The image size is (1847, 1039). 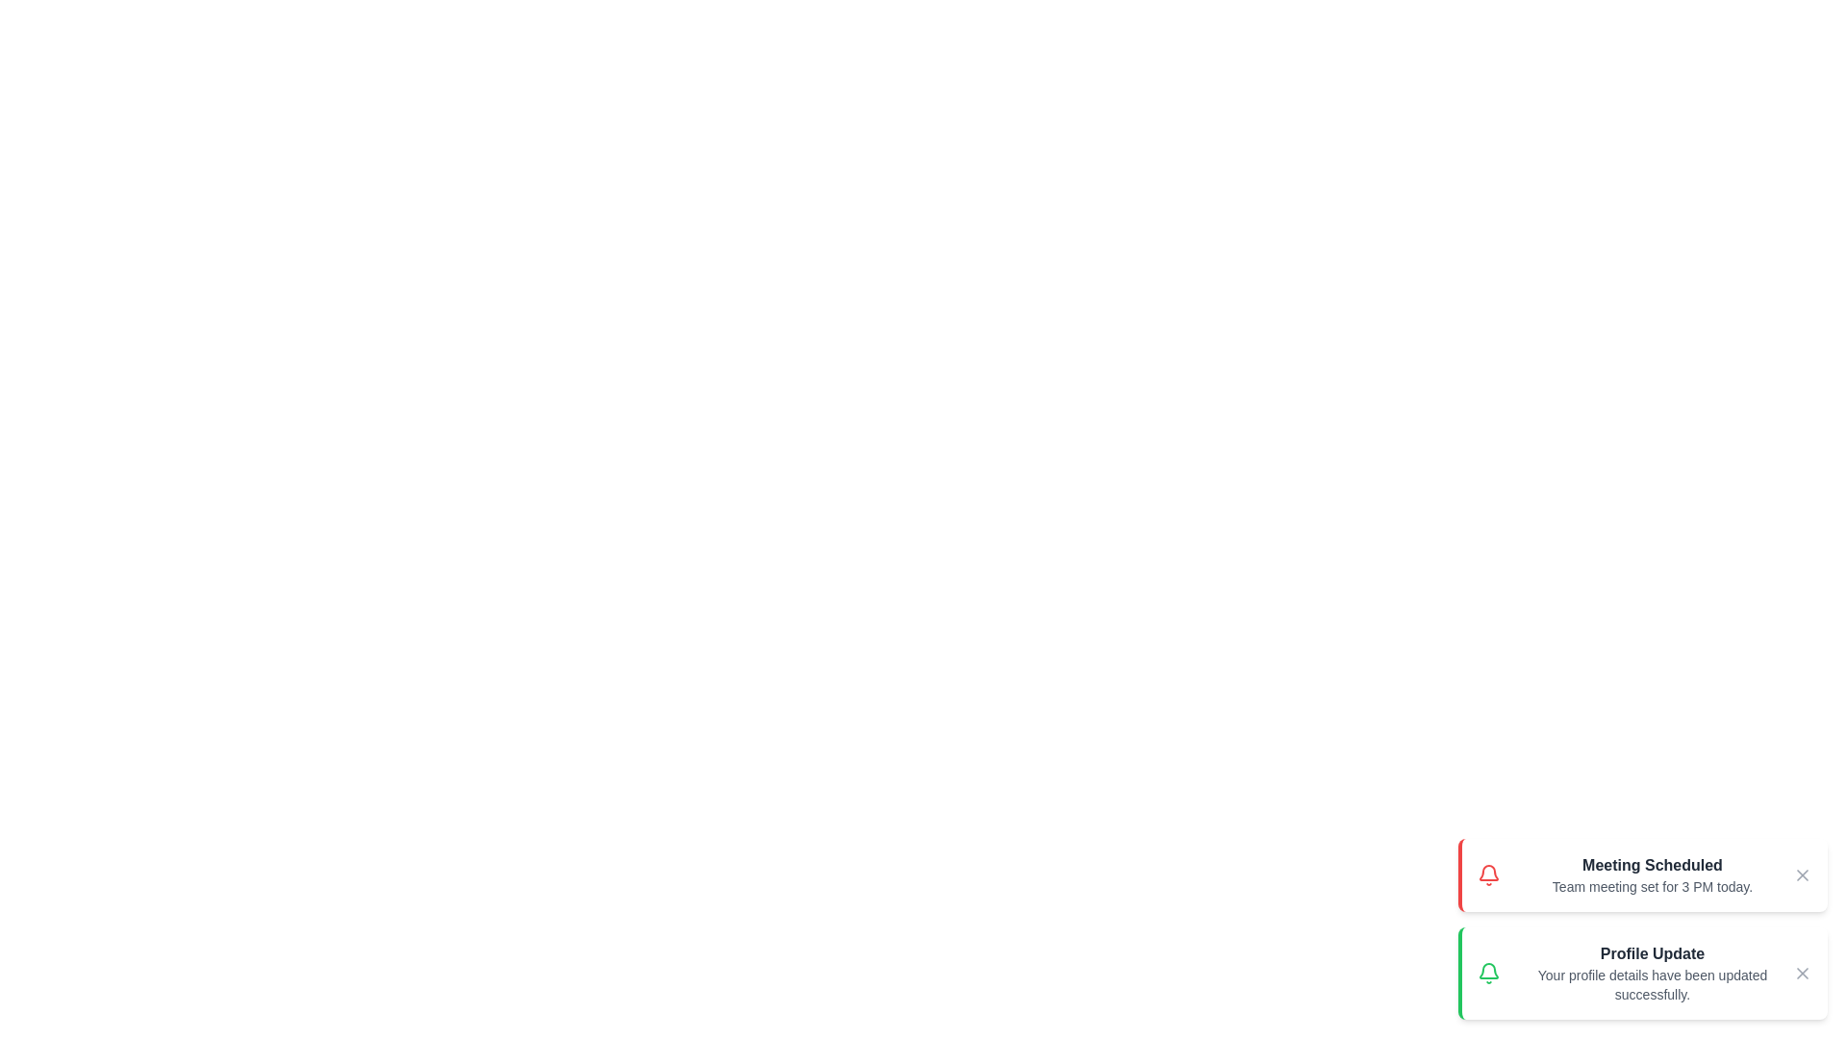 I want to click on the title and description of a notification by selecting 2, so click(x=1642, y=973).